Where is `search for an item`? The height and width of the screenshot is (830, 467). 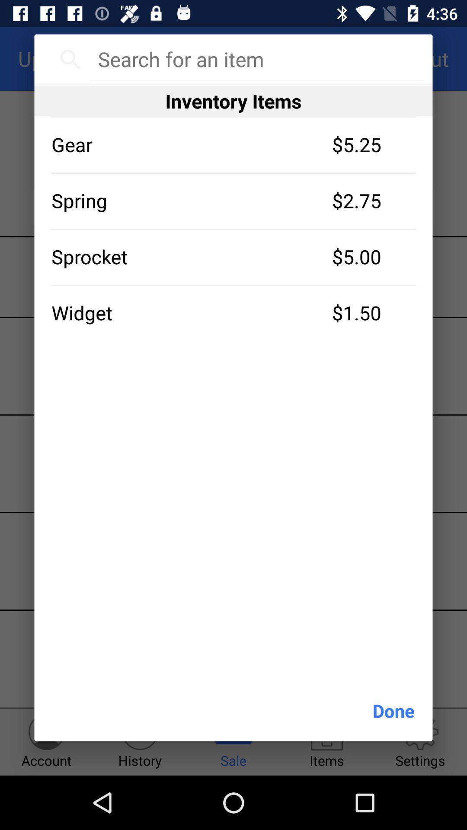 search for an item is located at coordinates (256, 59).